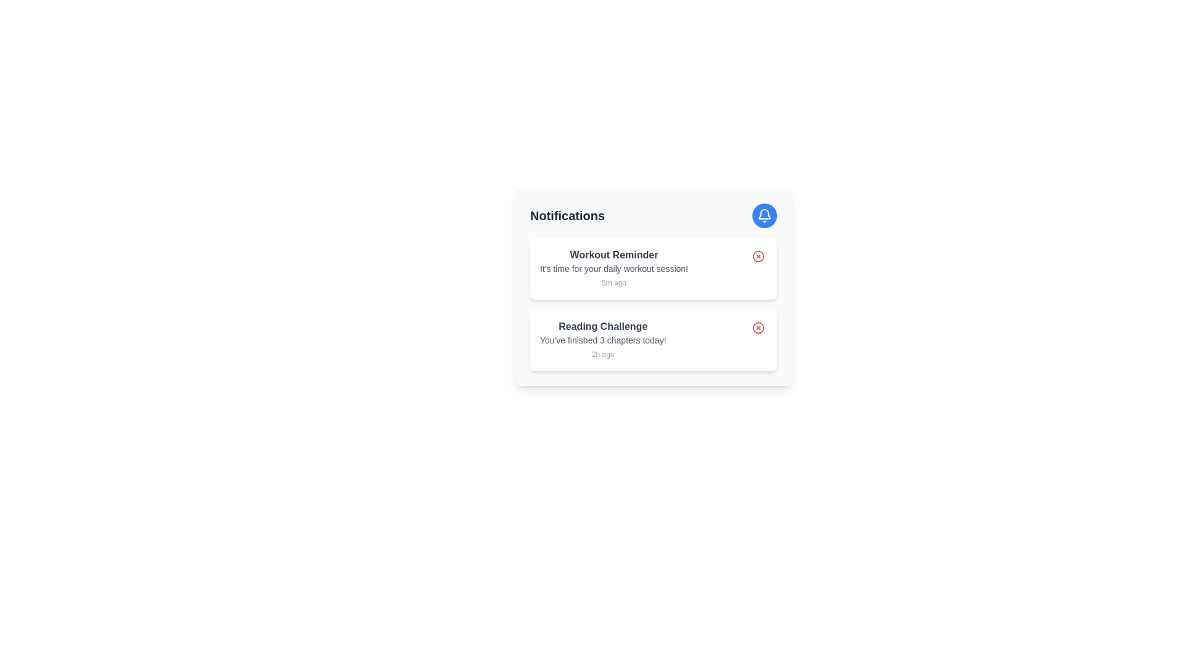  I want to click on informational text label that says 'You’ve finished 3 chapters today!' located within the 'Reading Challenge' notification card, positioned below the headline, so click(603, 340).